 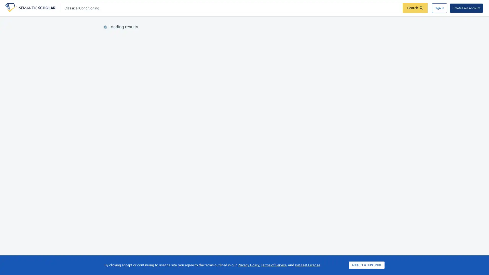 I want to click on Save to Library, so click(x=140, y=69).